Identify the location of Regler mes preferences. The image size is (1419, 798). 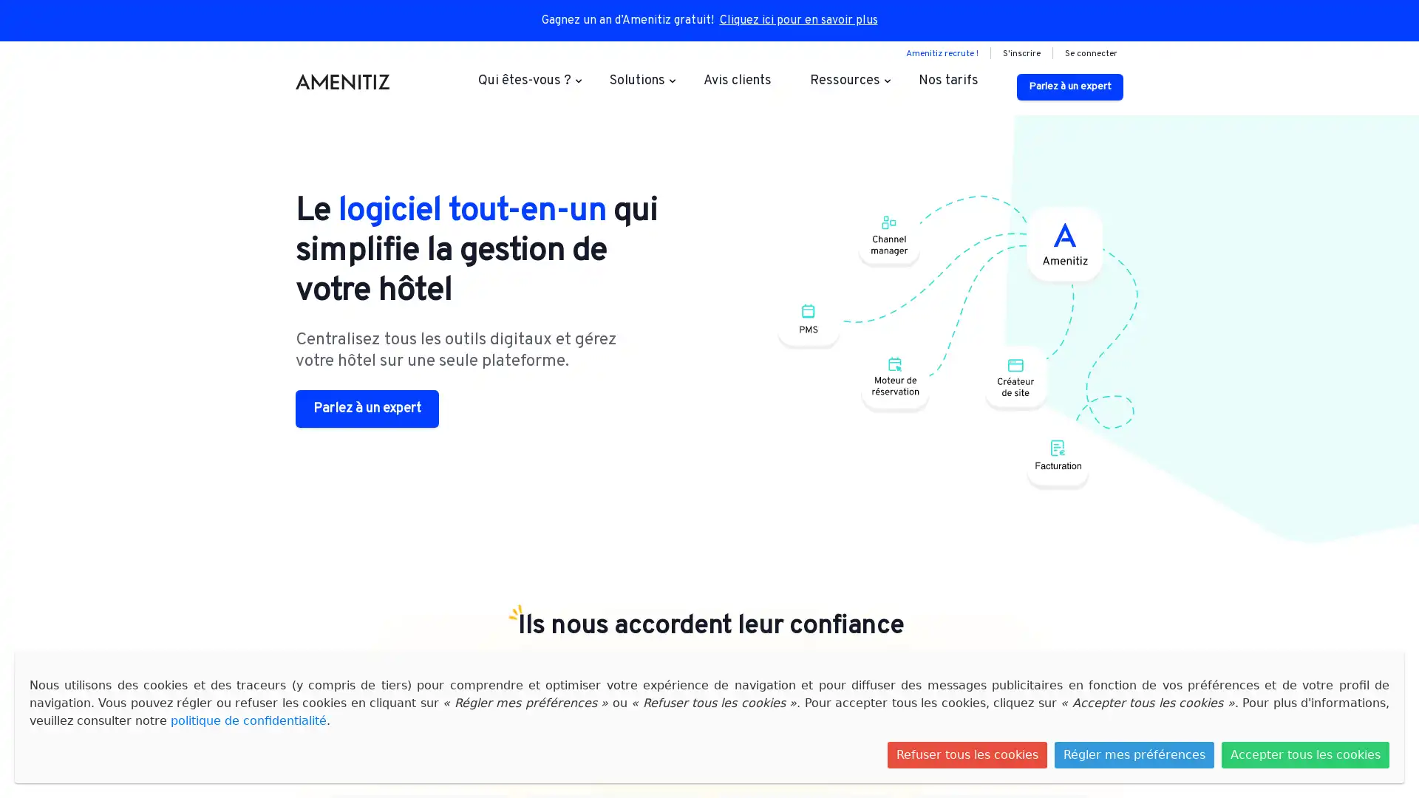
(1134, 755).